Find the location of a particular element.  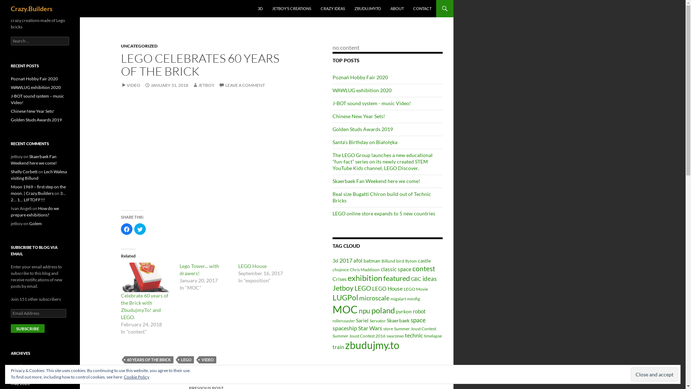

'ZBUDUJMY.TO' is located at coordinates (368, 8).